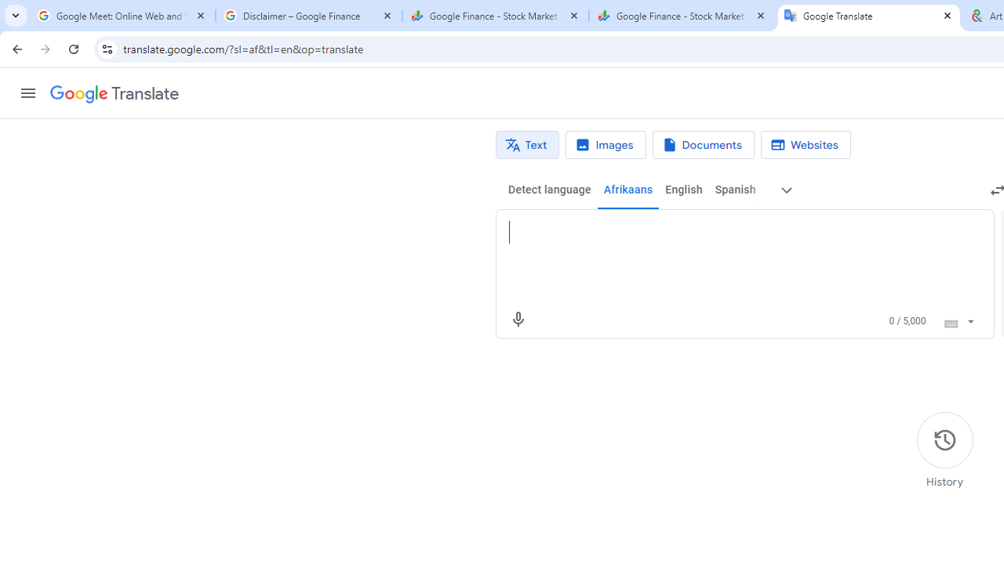 This screenshot has height=564, width=1004. What do you see at coordinates (806, 145) in the screenshot?
I see `'Website translation'` at bounding box center [806, 145].